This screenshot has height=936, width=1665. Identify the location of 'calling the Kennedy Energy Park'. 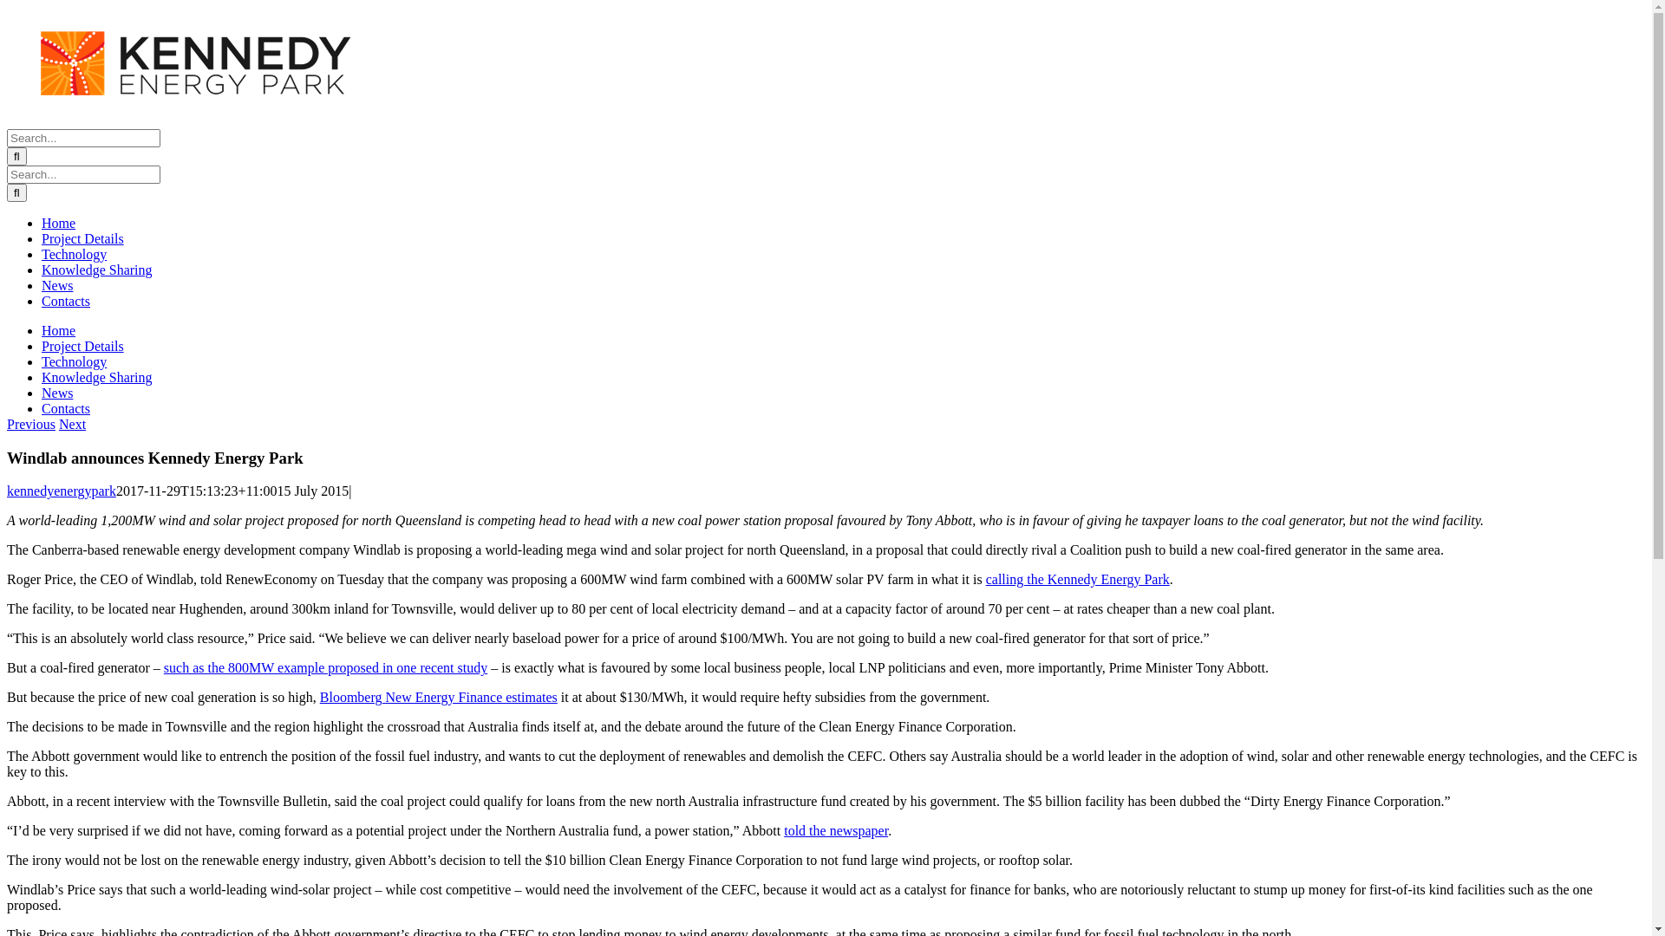
(1077, 579).